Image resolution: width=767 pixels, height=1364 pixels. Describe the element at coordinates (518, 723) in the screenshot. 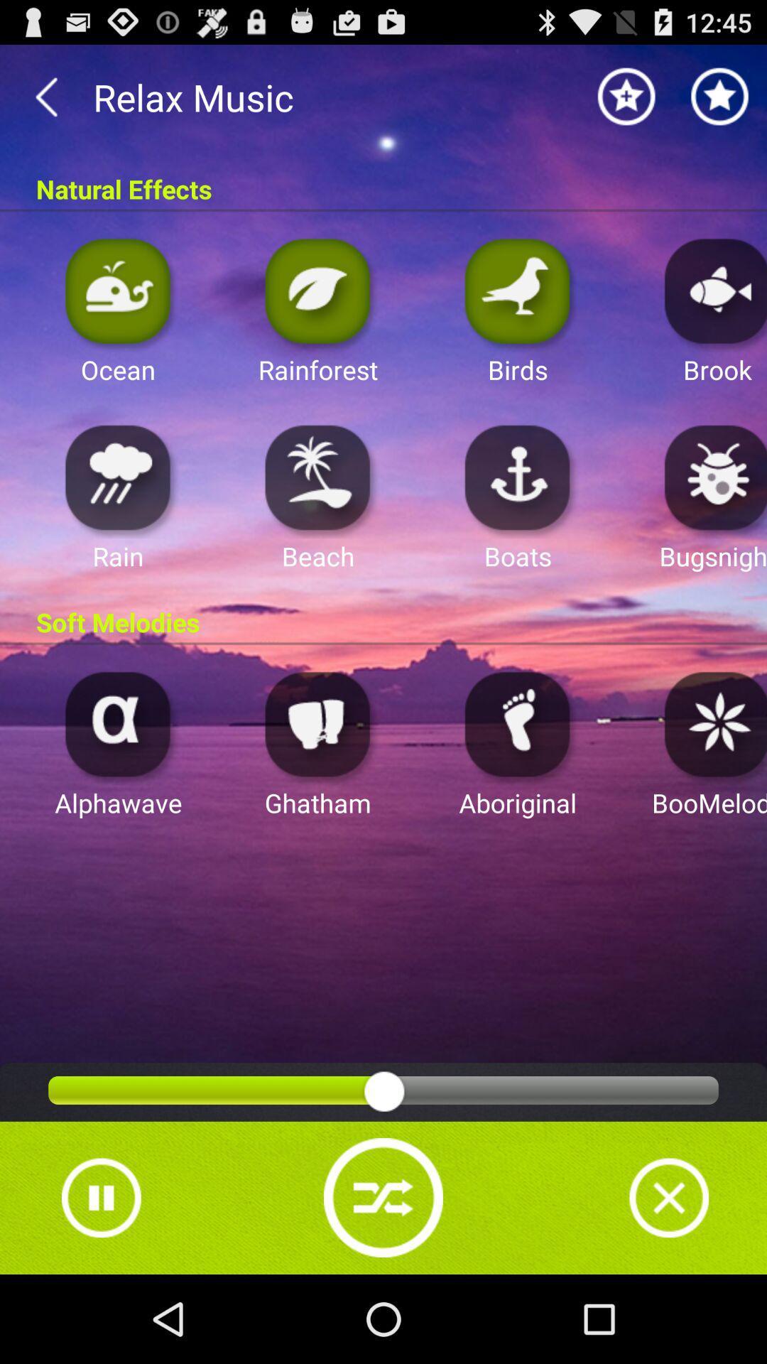

I see `choose aboriginal` at that location.